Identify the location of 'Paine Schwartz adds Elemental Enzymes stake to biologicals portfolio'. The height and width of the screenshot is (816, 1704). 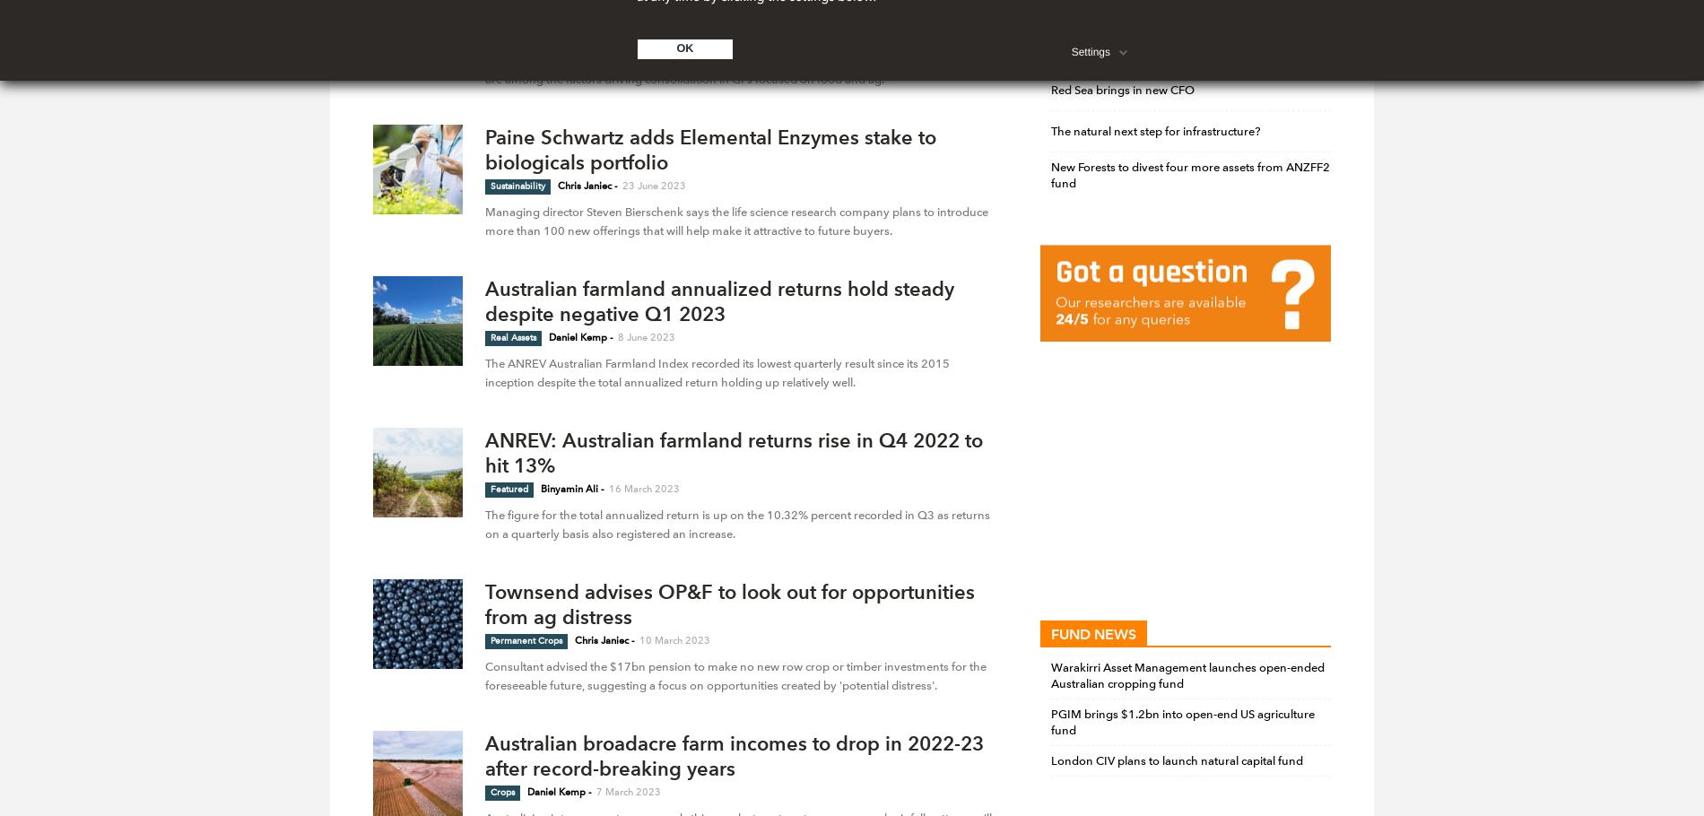
(484, 149).